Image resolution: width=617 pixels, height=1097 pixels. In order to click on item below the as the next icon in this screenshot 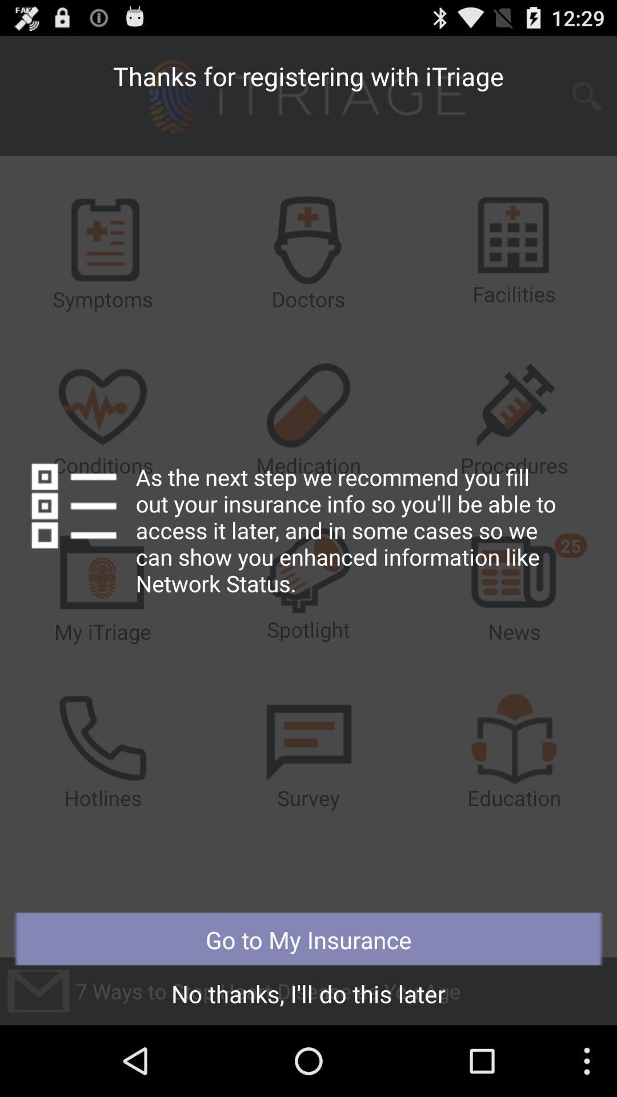, I will do `click(308, 939)`.